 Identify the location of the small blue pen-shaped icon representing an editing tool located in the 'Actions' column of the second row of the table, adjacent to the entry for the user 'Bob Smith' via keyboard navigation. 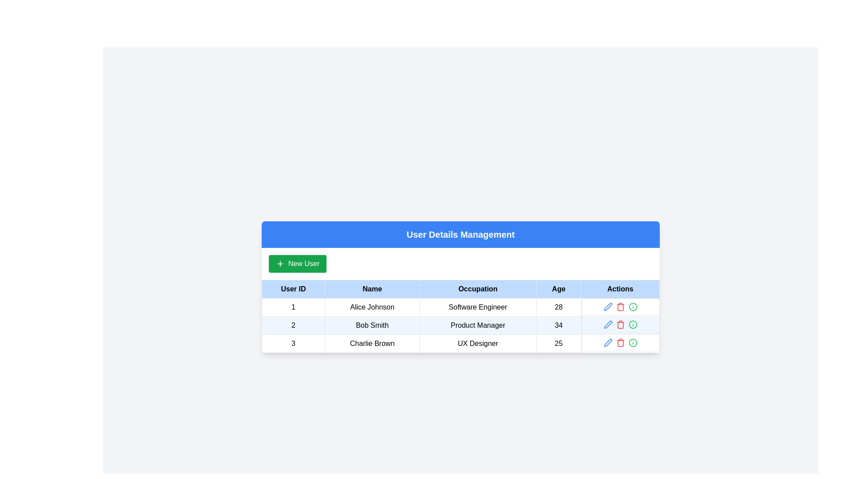
(607, 306).